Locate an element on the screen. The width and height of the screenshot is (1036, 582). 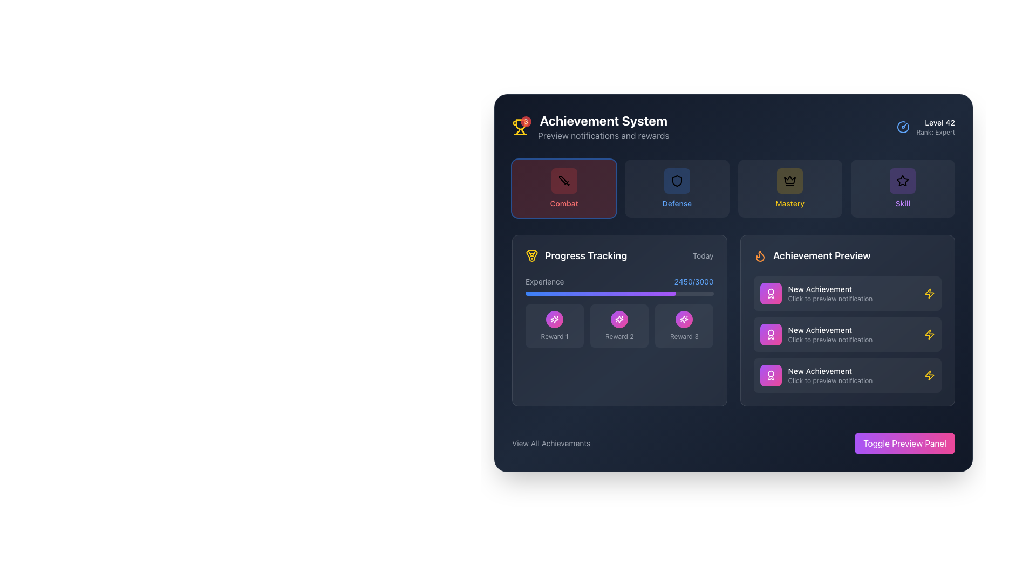
the Text label in the 'Progress Tracking' section that indicates the type of progress being tracked, located to the left of the progress number is located at coordinates (544, 281).